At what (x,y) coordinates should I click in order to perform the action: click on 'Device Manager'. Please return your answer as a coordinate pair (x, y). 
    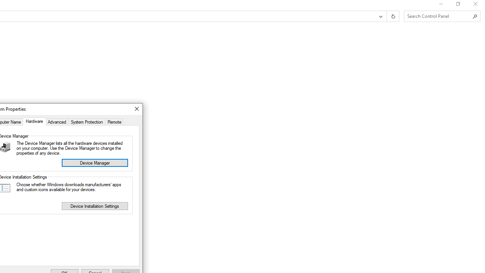
    Looking at the image, I should click on (94, 162).